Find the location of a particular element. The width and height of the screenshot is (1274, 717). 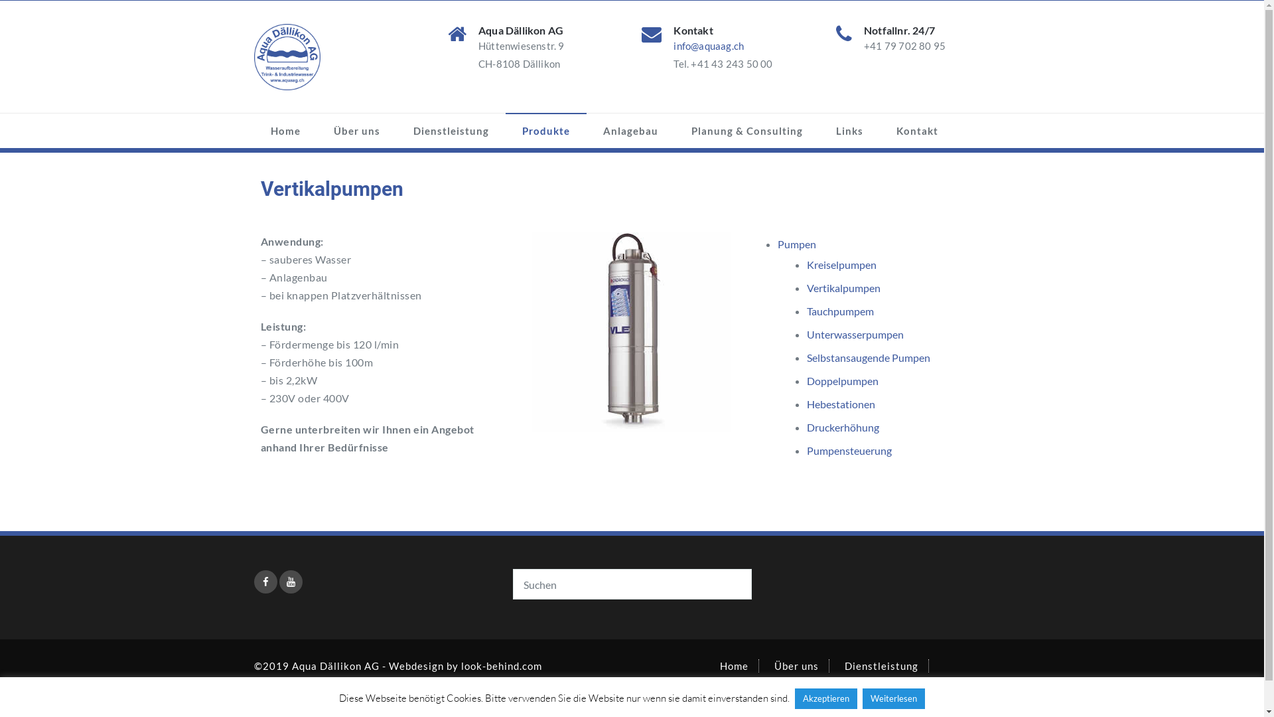

'Vertikalpumpen' is located at coordinates (843, 287).